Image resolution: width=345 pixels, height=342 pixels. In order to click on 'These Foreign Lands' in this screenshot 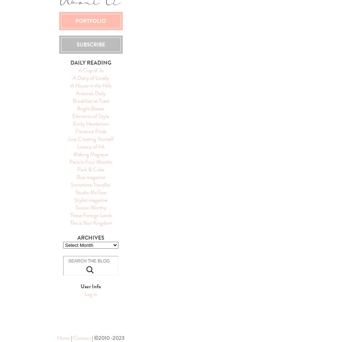, I will do `click(90, 215)`.